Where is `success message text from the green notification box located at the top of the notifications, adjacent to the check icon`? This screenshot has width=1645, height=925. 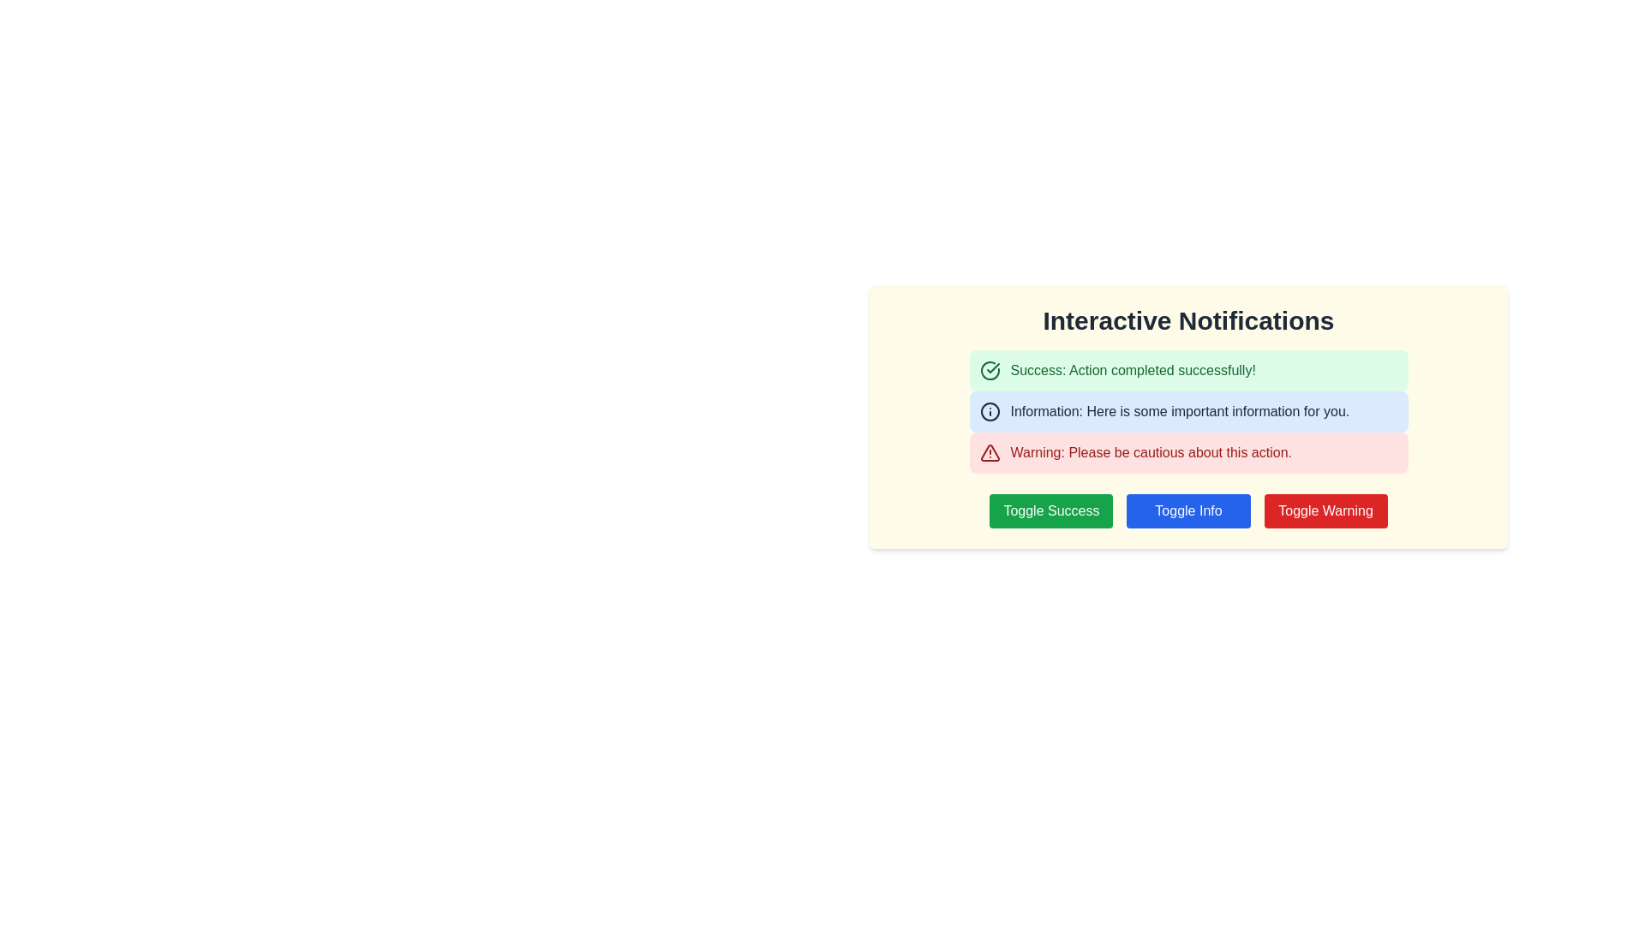 success message text from the green notification box located at the top of the notifications, adjacent to the check icon is located at coordinates (1133, 369).